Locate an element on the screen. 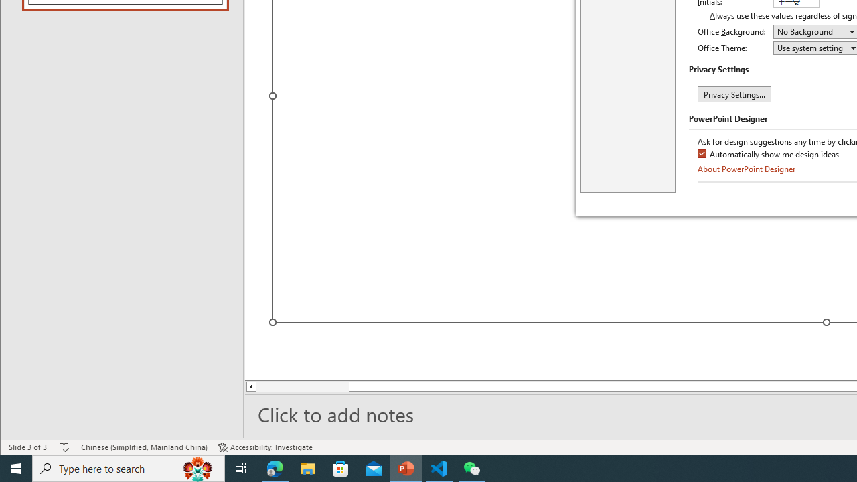 Image resolution: width=857 pixels, height=482 pixels. 'Automatically show me design ideas' is located at coordinates (769, 154).